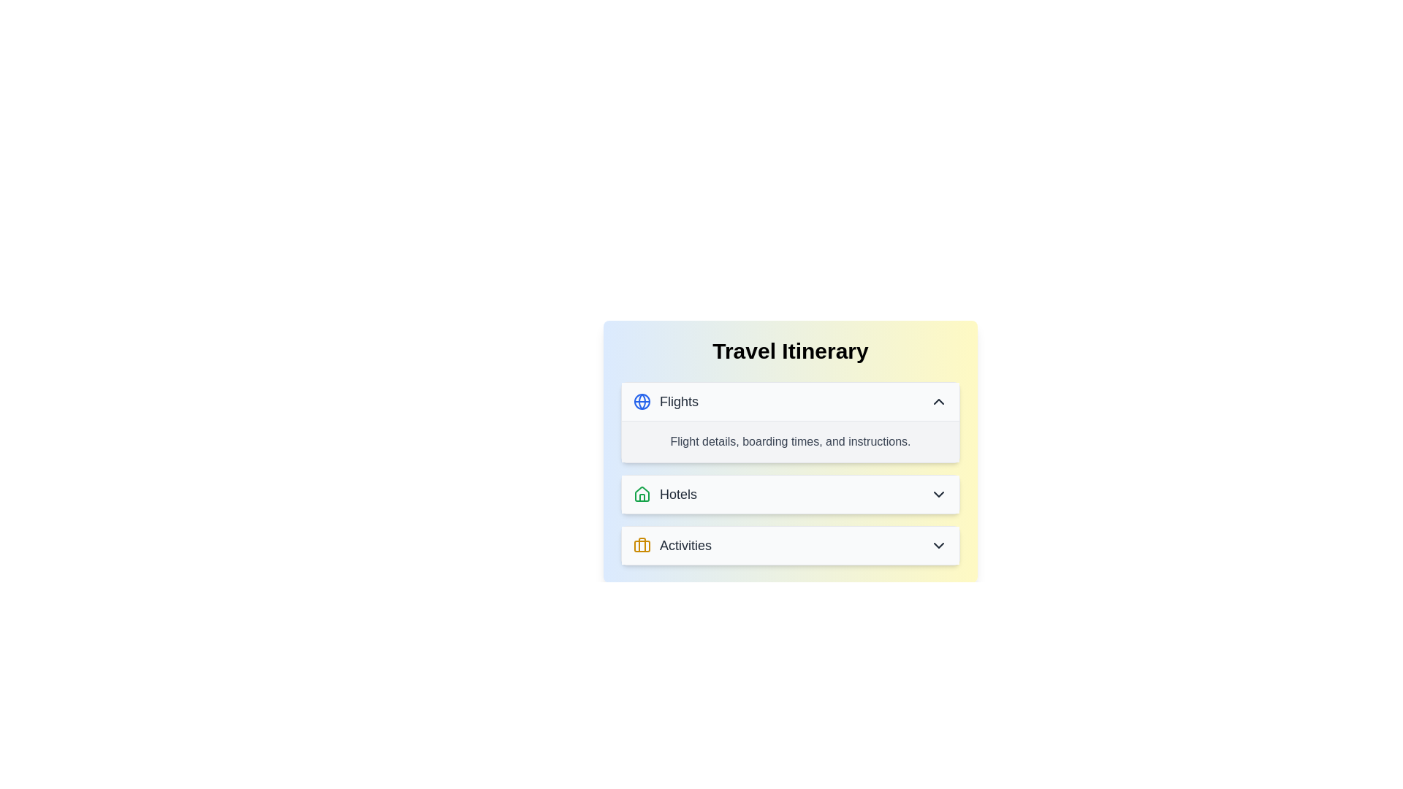  What do you see at coordinates (642, 402) in the screenshot?
I see `the 'Flights' icon located to the left of the text 'Flights' within the 'Travel Itinerary' card interface, which is horizontally aligned with the text and vertically centered in the section` at bounding box center [642, 402].